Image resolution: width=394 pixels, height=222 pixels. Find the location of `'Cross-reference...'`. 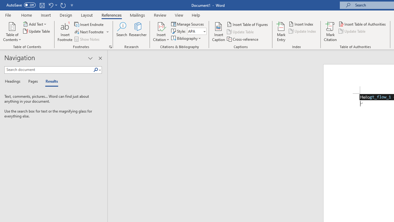

'Cross-reference...' is located at coordinates (243, 39).